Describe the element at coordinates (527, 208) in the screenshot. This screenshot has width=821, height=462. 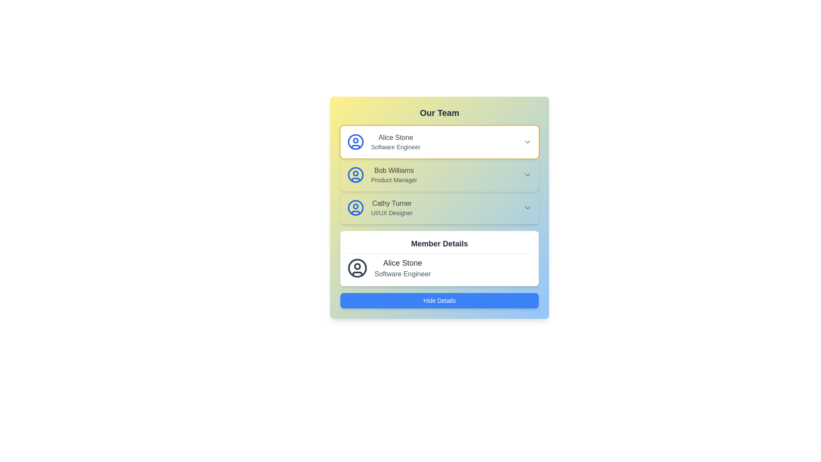
I see `the toggle icon located on the far right of the section containing 'Cathy Turner' and 'UI/UX Designer'` at that location.